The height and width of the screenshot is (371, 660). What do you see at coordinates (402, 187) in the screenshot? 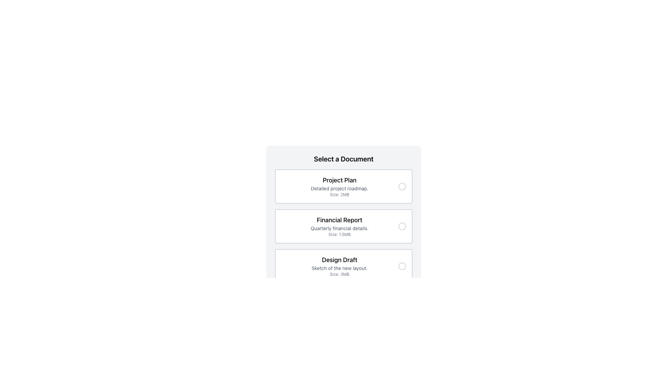
I see `circular icon indicator at the far right end of the 'Project Plan' section, which has a light gray border and no fill` at bounding box center [402, 187].